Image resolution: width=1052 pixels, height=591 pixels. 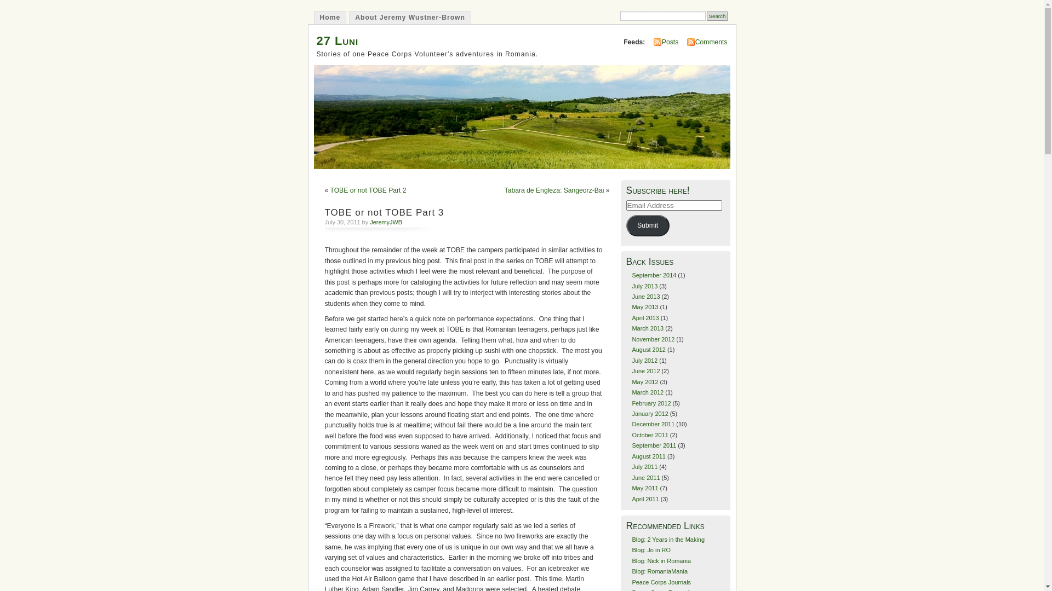 I want to click on 'March 2013', so click(x=647, y=328).